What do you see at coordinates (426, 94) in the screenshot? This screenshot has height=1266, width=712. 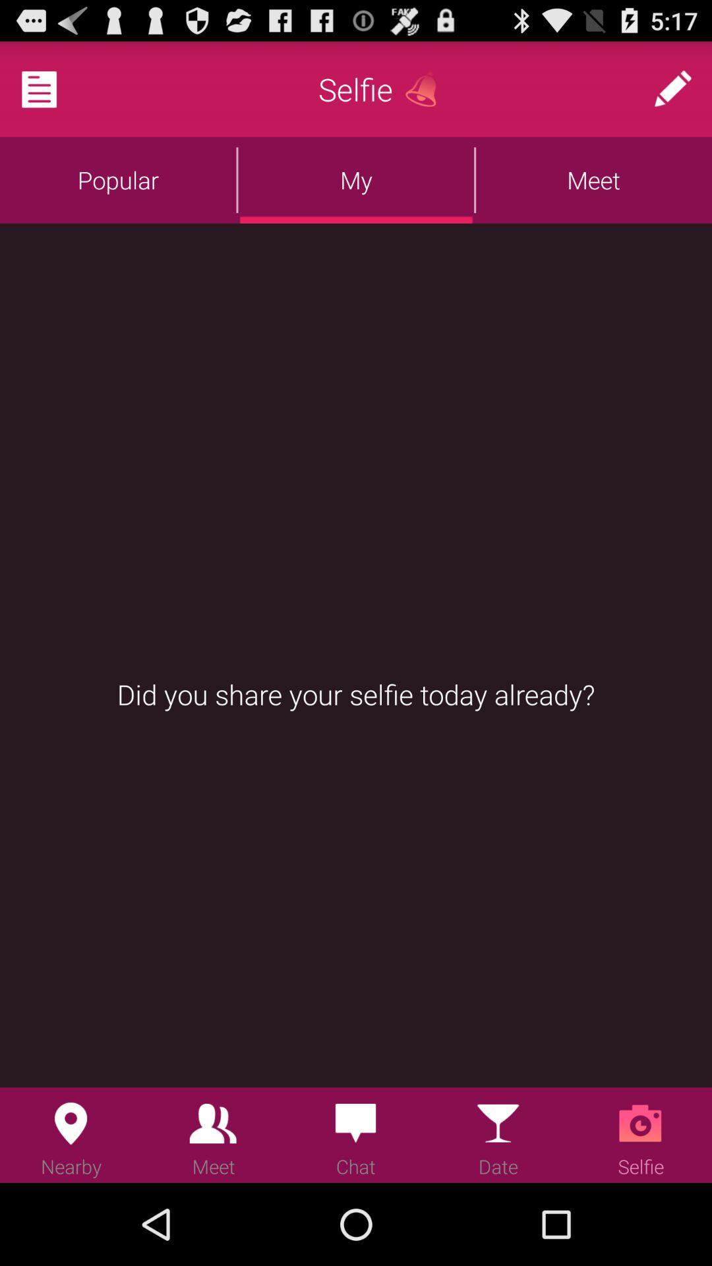 I see `the notifications icon` at bounding box center [426, 94].